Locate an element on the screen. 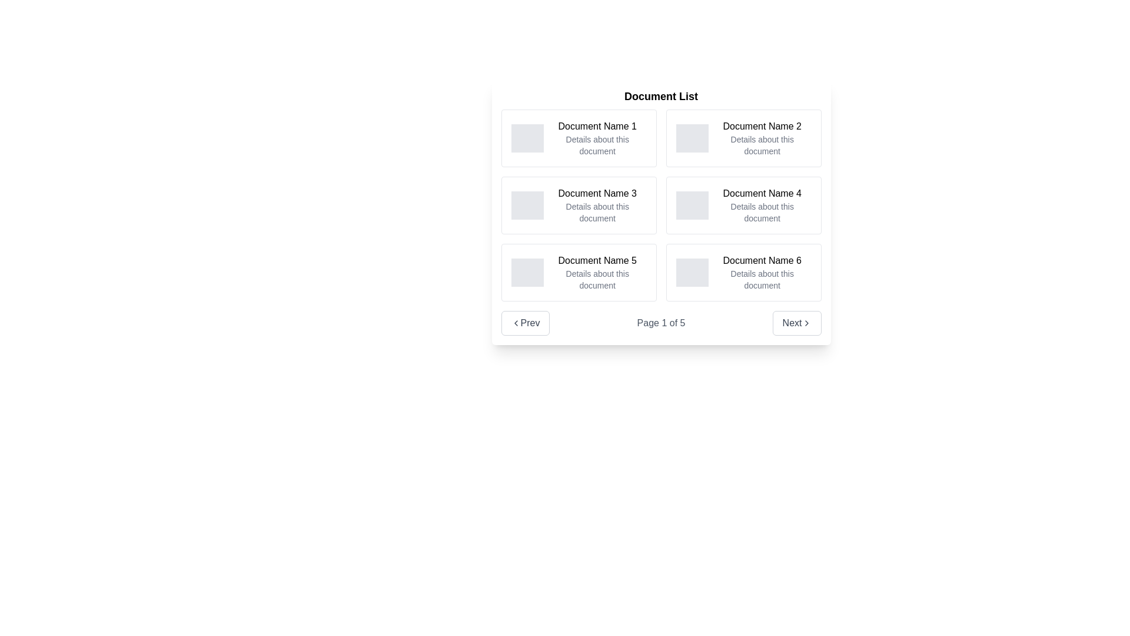 Image resolution: width=1130 pixels, height=636 pixels. the card displaying 'Document Name 4' which contains document-related information in a grid layout is located at coordinates (743, 204).